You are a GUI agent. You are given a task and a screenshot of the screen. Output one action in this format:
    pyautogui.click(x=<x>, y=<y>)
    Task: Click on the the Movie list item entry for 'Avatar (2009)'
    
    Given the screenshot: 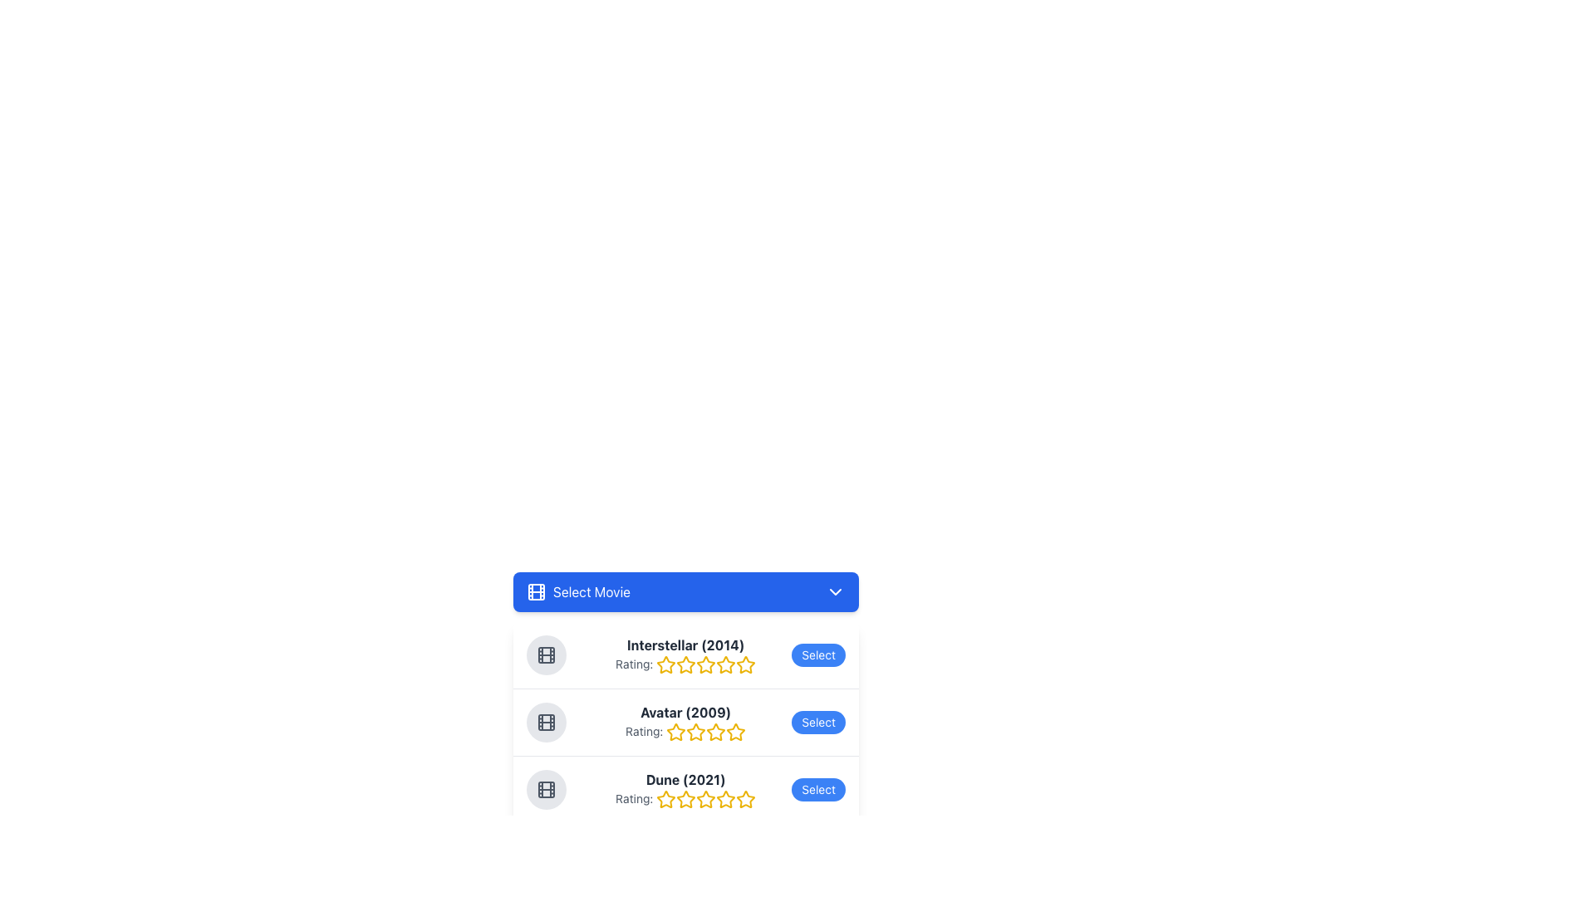 What is the action you would take?
    pyautogui.click(x=685, y=720)
    